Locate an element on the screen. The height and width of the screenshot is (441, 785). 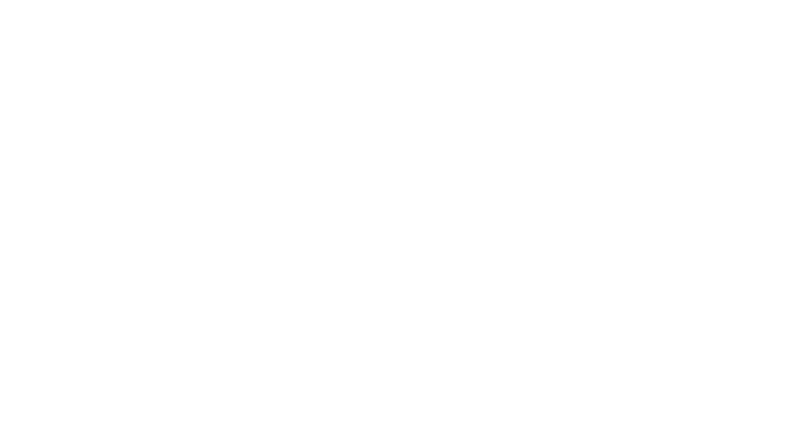
'Find what' is located at coordinates (86, 35).